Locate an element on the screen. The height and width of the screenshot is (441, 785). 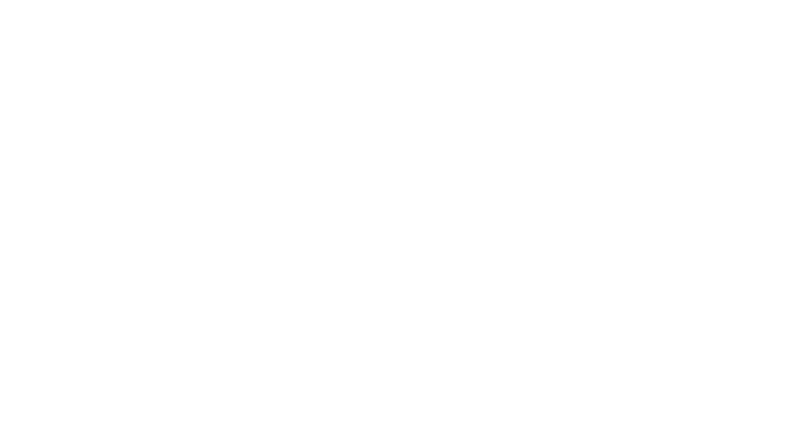
'Find what' is located at coordinates (86, 35).